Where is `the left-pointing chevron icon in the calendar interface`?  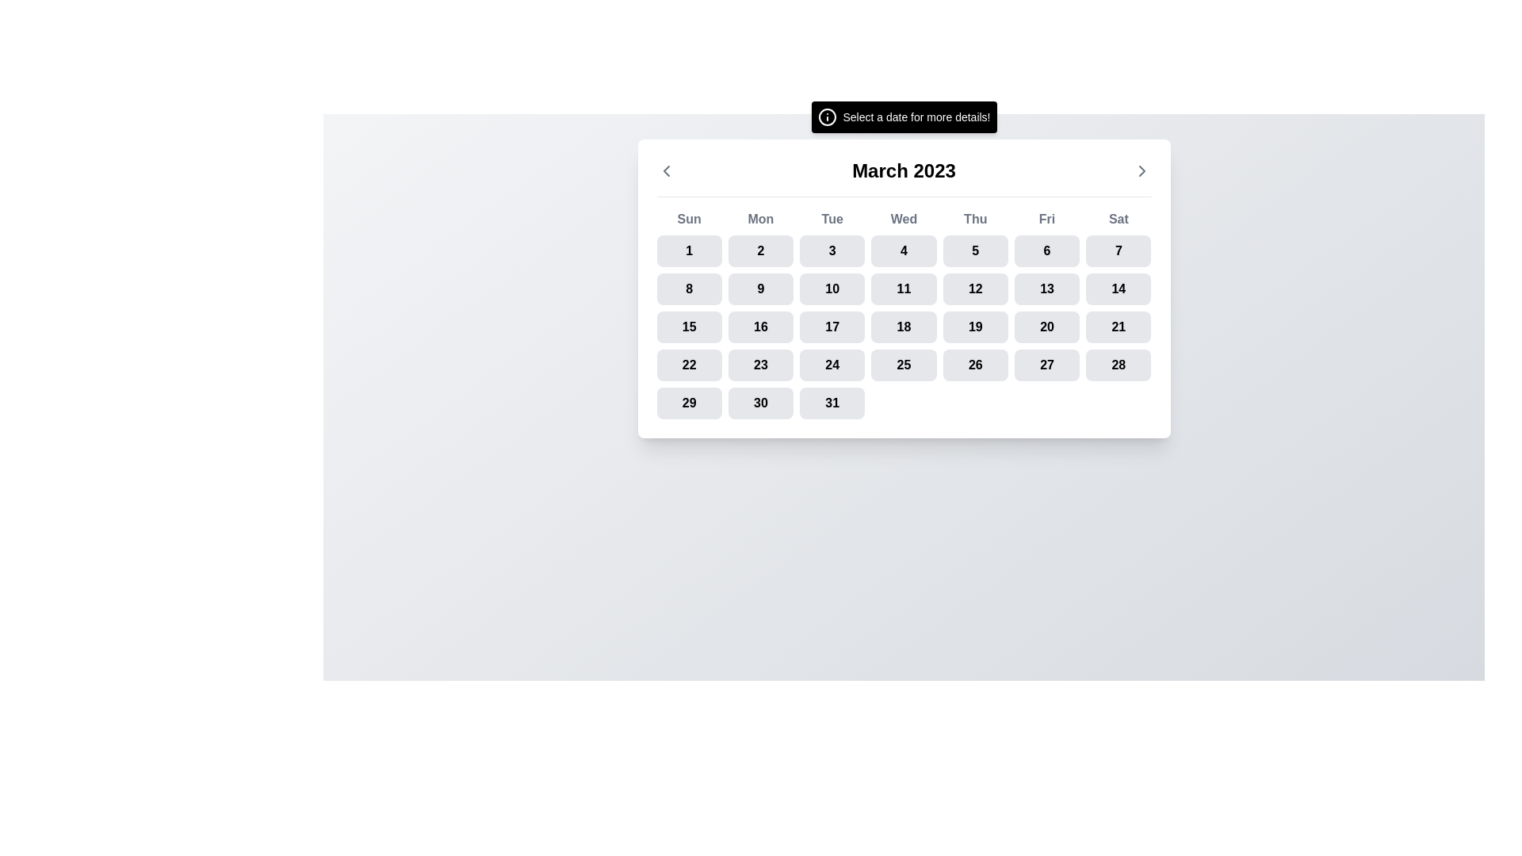
the left-pointing chevron icon in the calendar interface is located at coordinates (666, 171).